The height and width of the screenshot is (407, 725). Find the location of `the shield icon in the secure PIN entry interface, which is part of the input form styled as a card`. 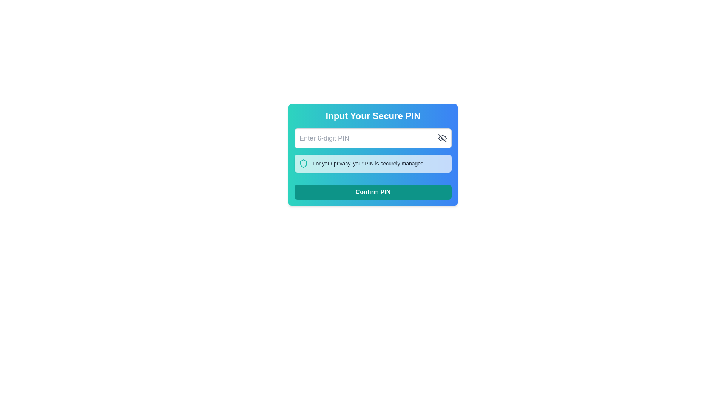

the shield icon in the secure PIN entry interface, which is part of the input form styled as a card is located at coordinates (373, 155).